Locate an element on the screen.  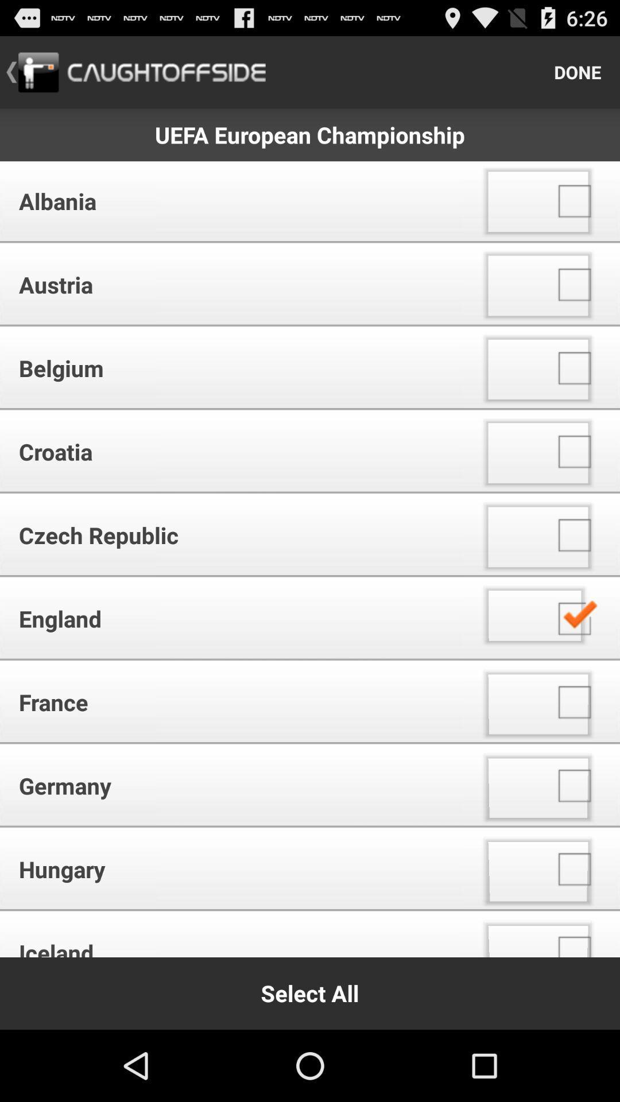
icon below england item is located at coordinates (235, 701).